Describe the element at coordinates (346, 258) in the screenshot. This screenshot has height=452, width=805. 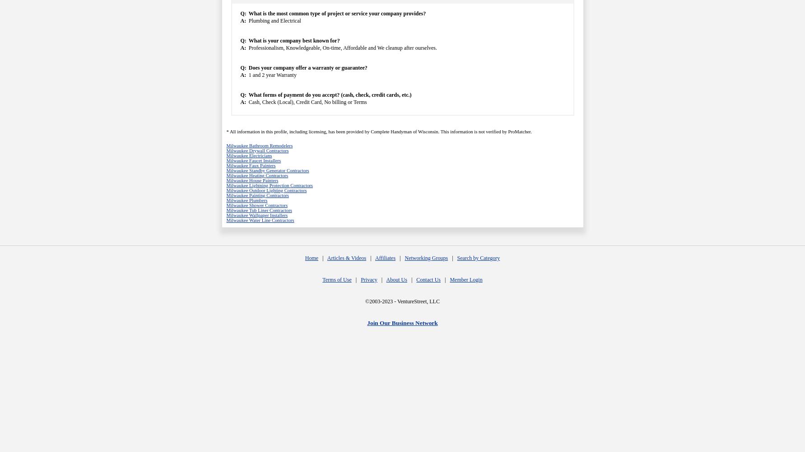
I see `'Articles & Videos'` at that location.